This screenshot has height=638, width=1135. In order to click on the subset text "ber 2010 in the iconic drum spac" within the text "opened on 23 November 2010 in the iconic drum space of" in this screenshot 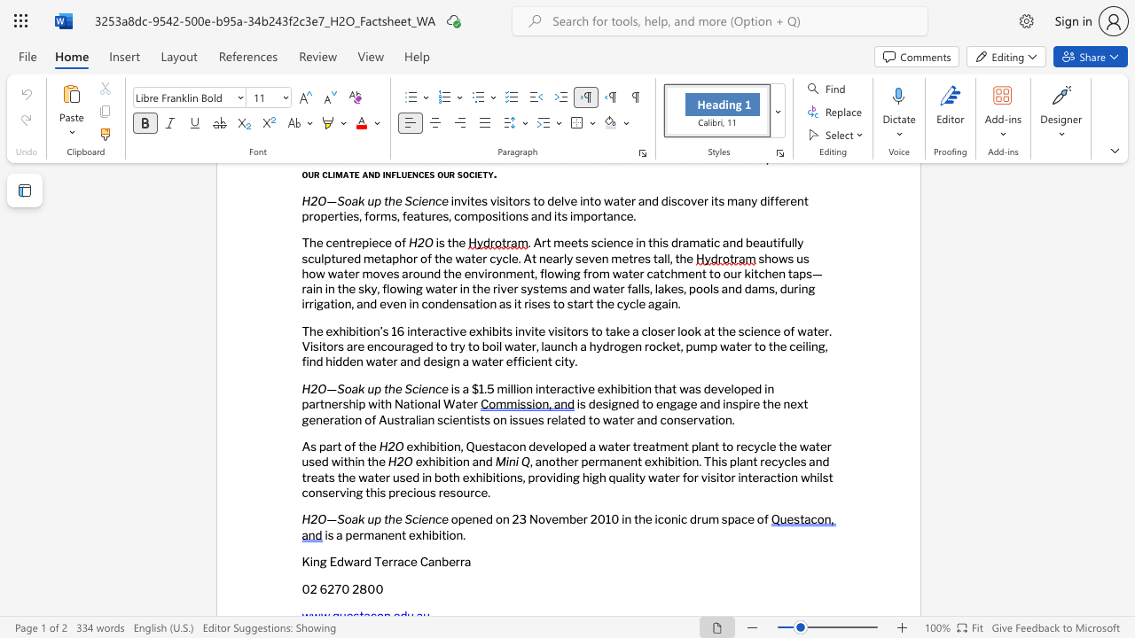, I will do `click(569, 518)`.